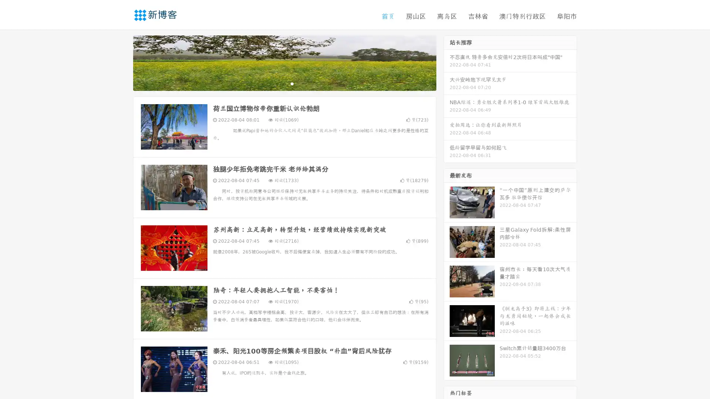  I want to click on Previous slide, so click(122, 62).